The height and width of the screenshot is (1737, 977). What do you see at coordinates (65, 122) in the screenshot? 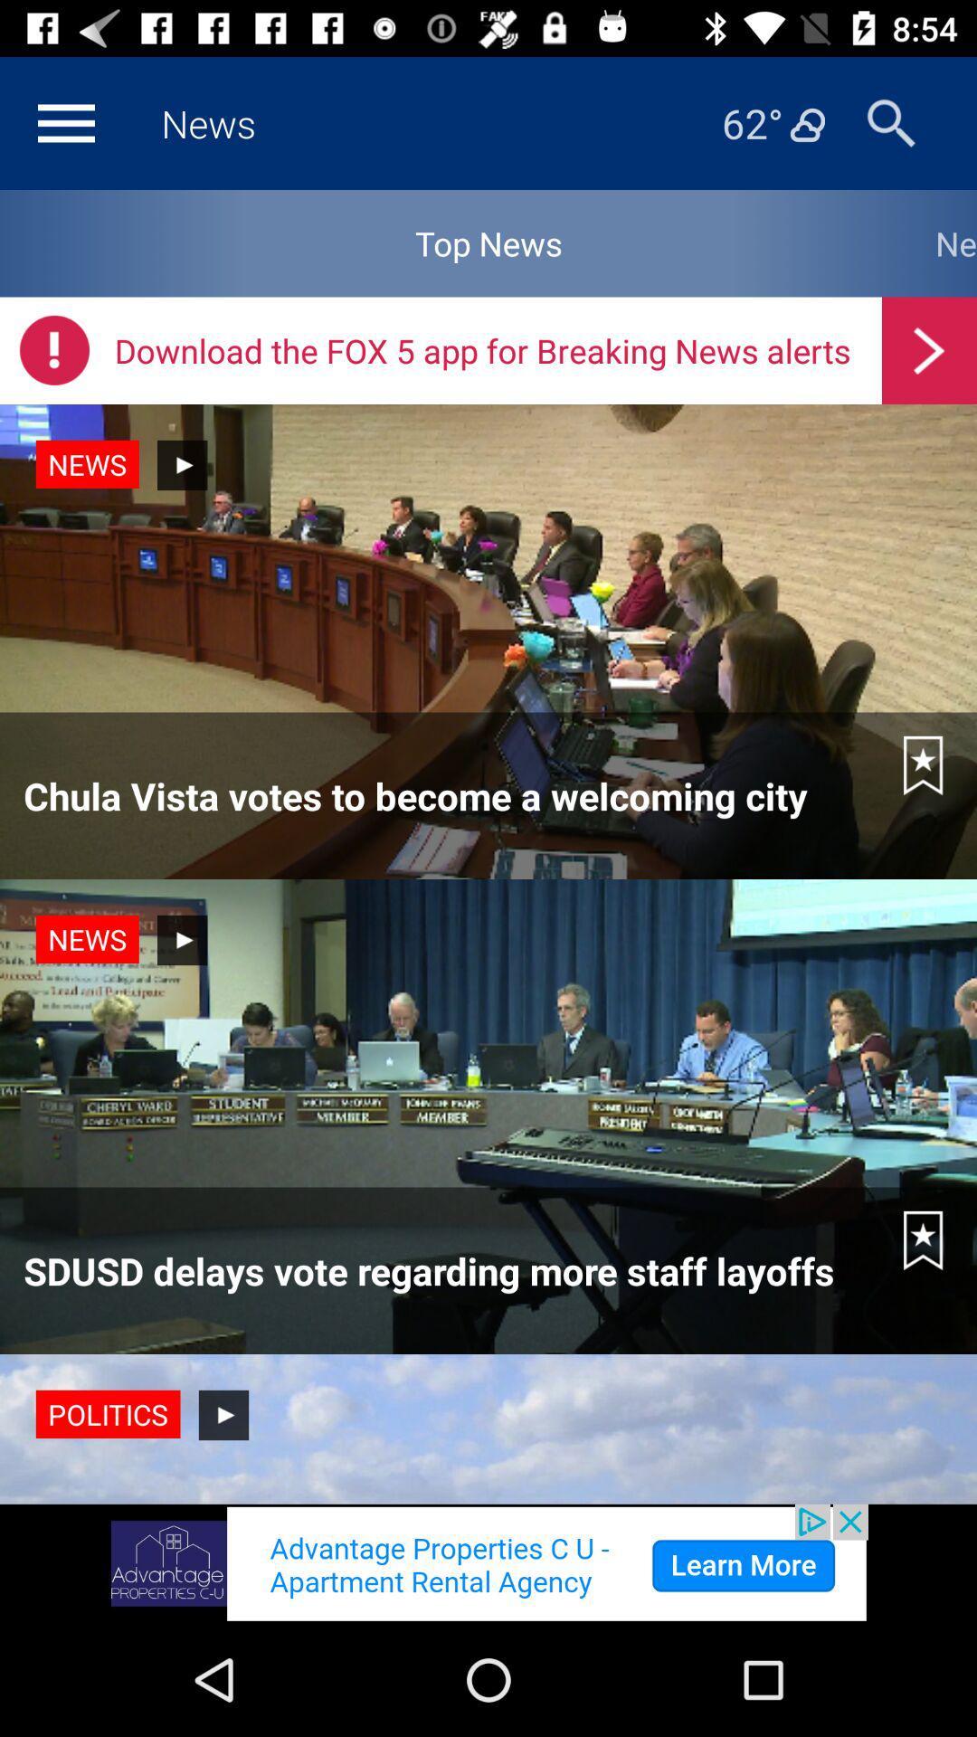
I see `open the menu` at bounding box center [65, 122].